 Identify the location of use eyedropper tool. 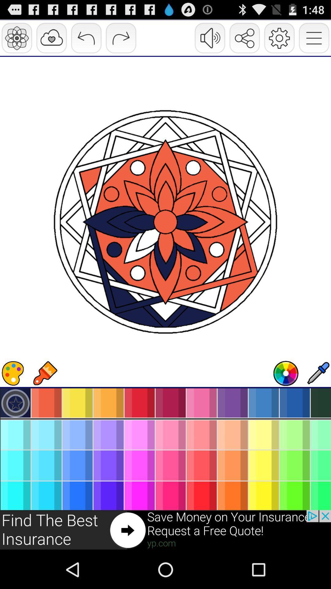
(318, 373).